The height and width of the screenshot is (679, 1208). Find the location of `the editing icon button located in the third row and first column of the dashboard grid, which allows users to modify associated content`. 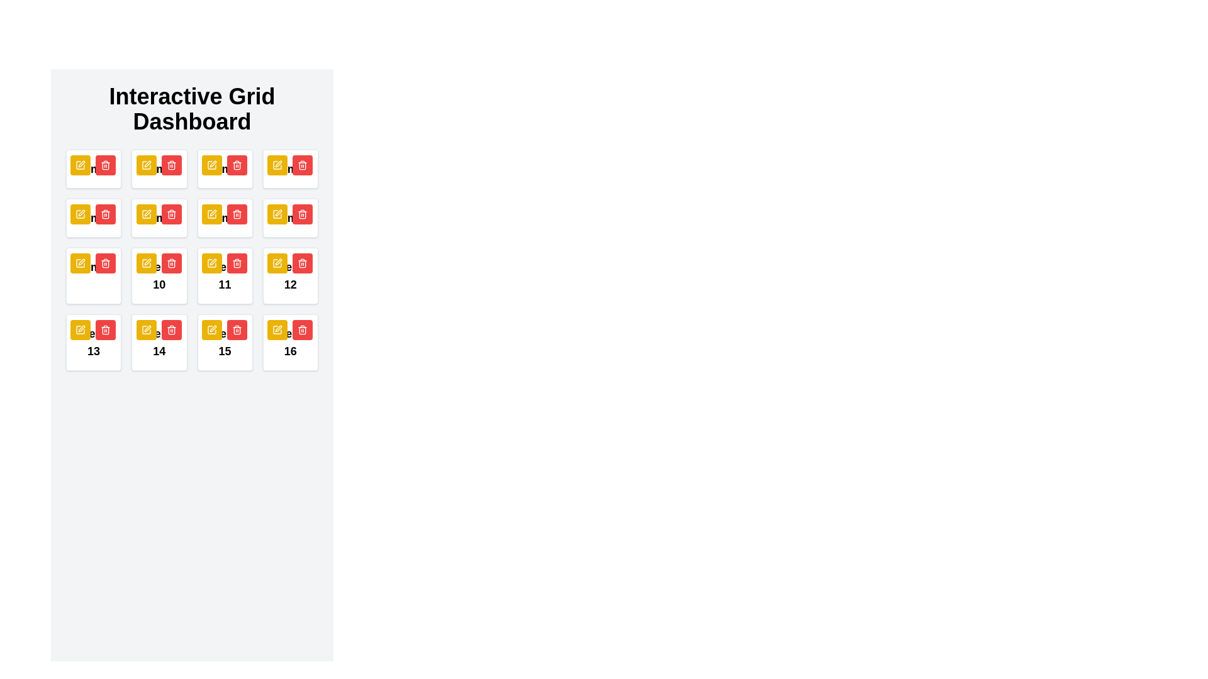

the editing icon button located in the third row and first column of the dashboard grid, which allows users to modify associated content is located at coordinates (213, 213).